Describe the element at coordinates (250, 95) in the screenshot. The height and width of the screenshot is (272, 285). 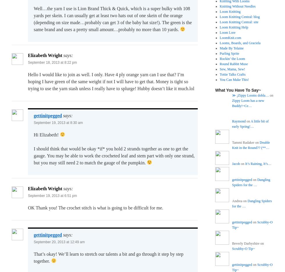
I see `'≫ ¡Zippy Looms dobla…'` at that location.